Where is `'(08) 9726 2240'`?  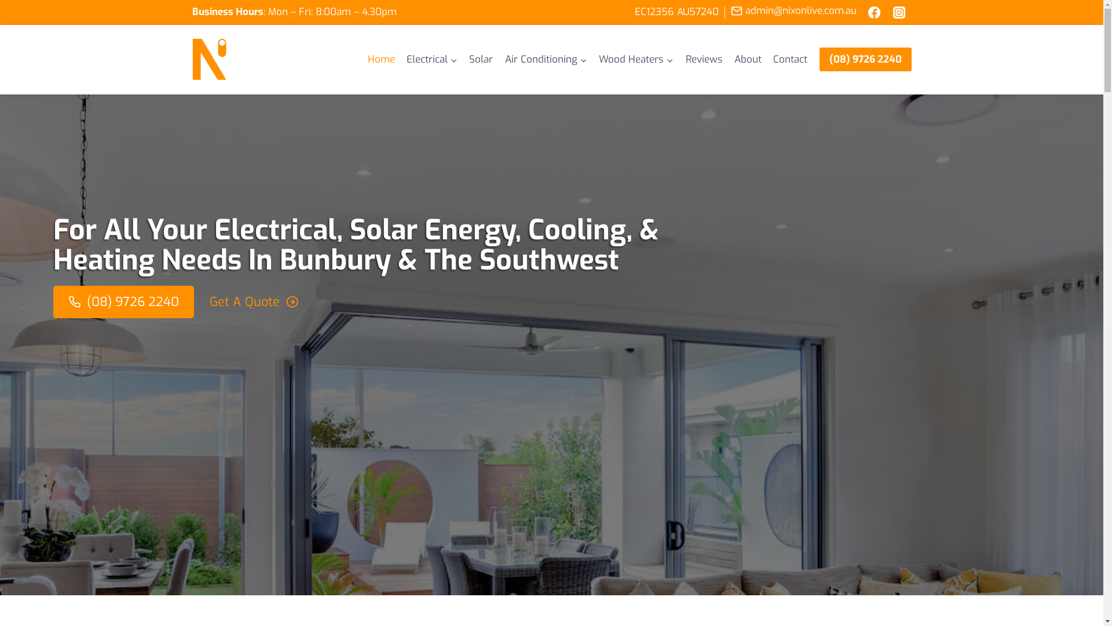 '(08) 9726 2240' is located at coordinates (865, 59).